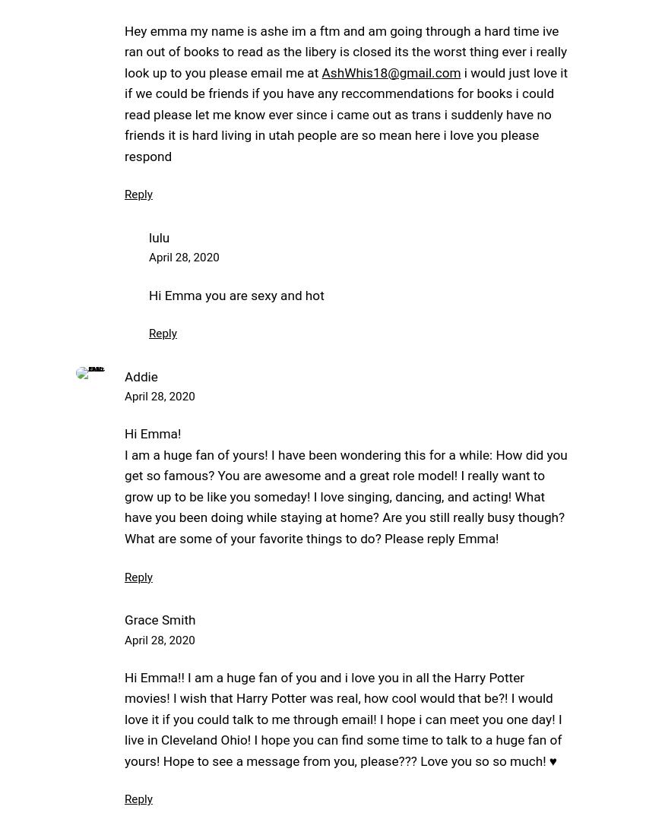 The height and width of the screenshot is (816, 646). What do you see at coordinates (342, 718) in the screenshot?
I see `'Hi Emma!! I am a huge fan of you and i love you in all the Harry Potter movies! I wish that Harry Potter was real, how cool would that be?! I would love it if you could talk to me through email! I hope i can meet you one day! I live in Cleveland Ohio! I hope you can find some time to talk to a huge fan of yours! Hope to see a message from you, please??? Love you so so much! ♥'` at bounding box center [342, 718].